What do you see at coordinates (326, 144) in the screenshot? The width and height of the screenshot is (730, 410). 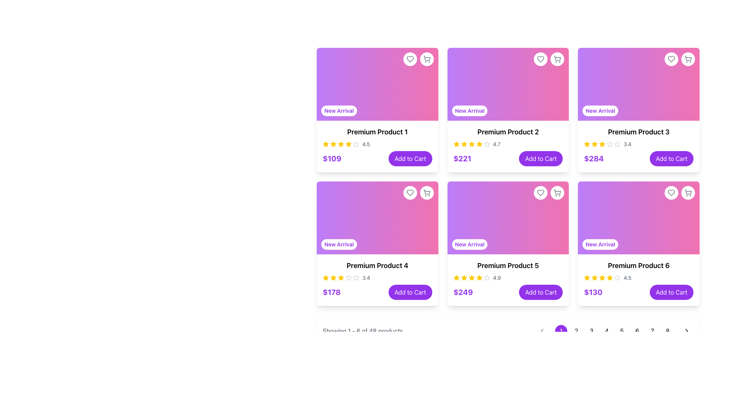 I see `the first star icon in the rating group for 'Premium Product 1' located in the top-left card among a grid of cards` at bounding box center [326, 144].